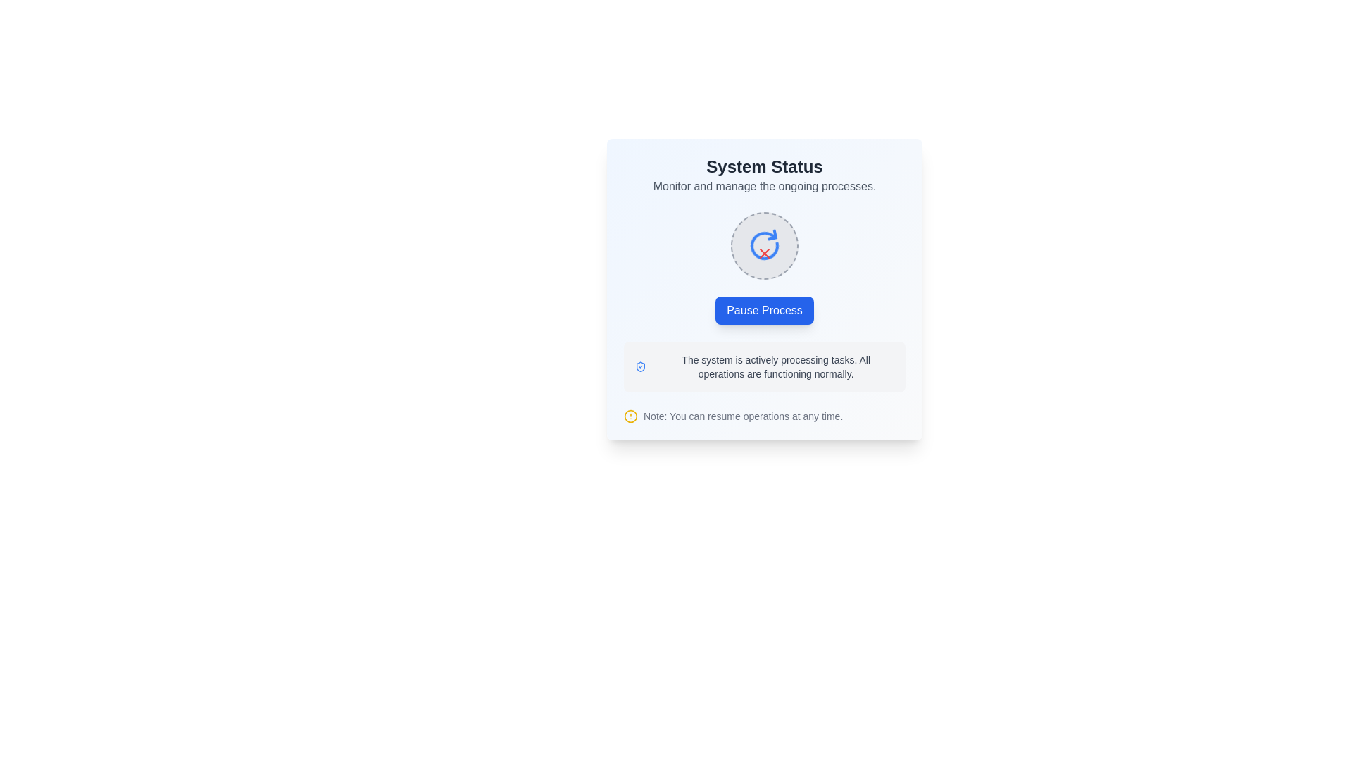 Image resolution: width=1352 pixels, height=761 pixels. What do you see at coordinates (763, 309) in the screenshot?
I see `the pause button located centrally below the circular progress indicator and above the 'System Status' text box to observe visual feedback indicating interactivity` at bounding box center [763, 309].